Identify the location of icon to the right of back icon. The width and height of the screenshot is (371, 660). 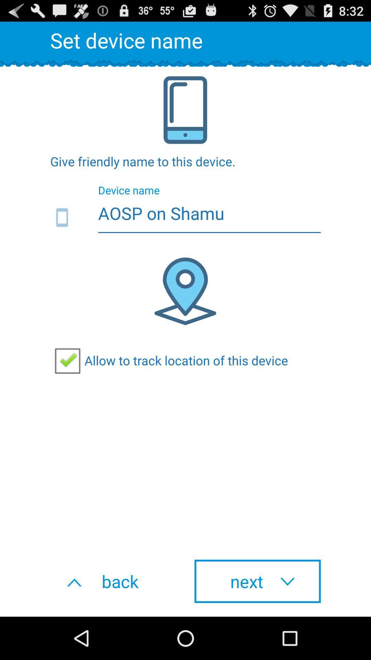
(257, 581).